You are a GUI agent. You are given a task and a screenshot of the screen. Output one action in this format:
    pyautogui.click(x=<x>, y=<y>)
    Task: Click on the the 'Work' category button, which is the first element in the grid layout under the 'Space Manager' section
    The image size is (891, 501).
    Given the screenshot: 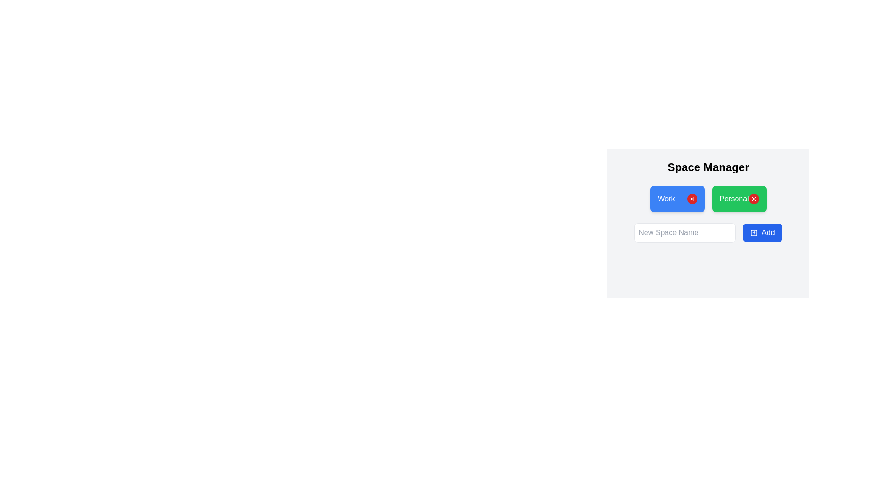 What is the action you would take?
    pyautogui.click(x=677, y=198)
    